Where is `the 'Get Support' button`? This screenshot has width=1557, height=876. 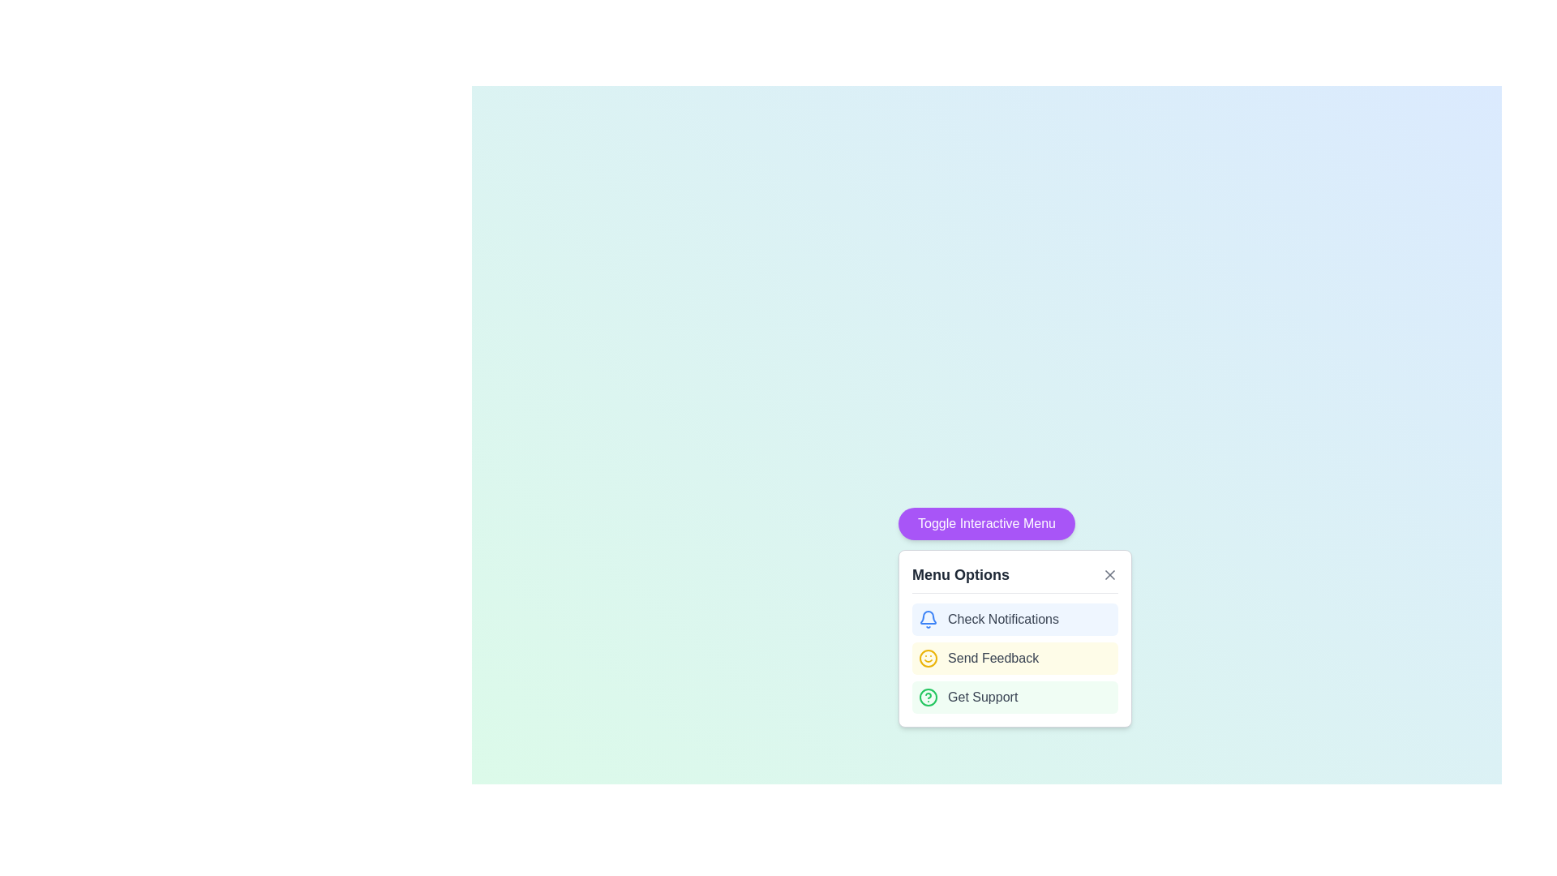
the 'Get Support' button is located at coordinates (1014, 697).